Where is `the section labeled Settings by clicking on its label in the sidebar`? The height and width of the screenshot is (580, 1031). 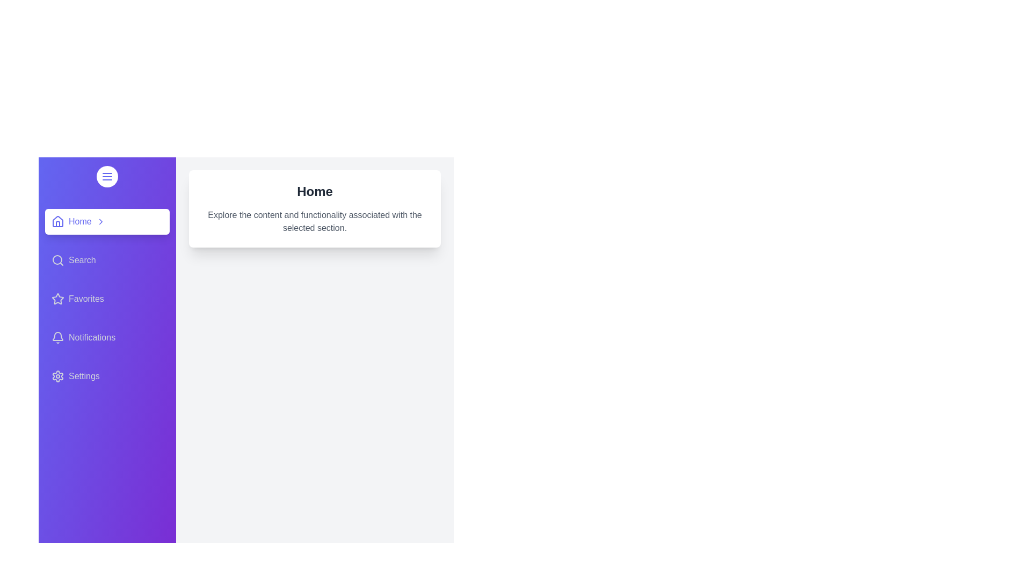 the section labeled Settings by clicking on its label in the sidebar is located at coordinates (107, 376).